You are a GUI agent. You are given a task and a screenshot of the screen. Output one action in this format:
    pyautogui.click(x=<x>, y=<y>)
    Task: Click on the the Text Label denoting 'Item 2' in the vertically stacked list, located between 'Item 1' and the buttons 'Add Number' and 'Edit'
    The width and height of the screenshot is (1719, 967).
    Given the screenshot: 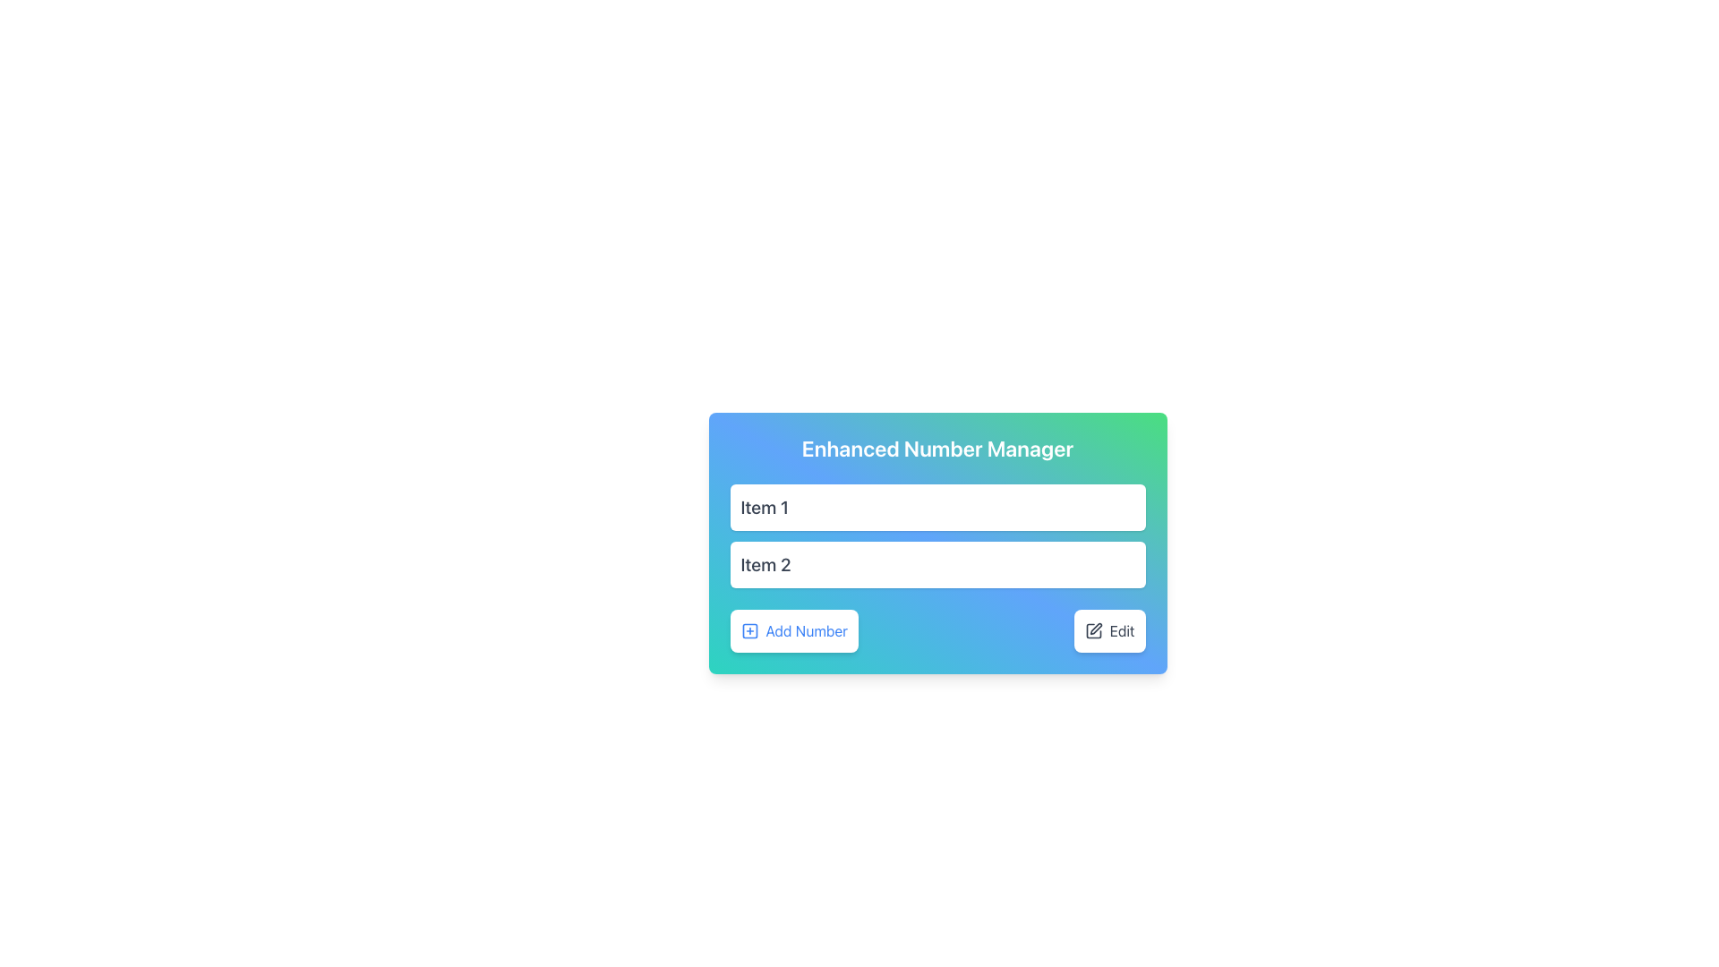 What is the action you would take?
    pyautogui.click(x=765, y=565)
    